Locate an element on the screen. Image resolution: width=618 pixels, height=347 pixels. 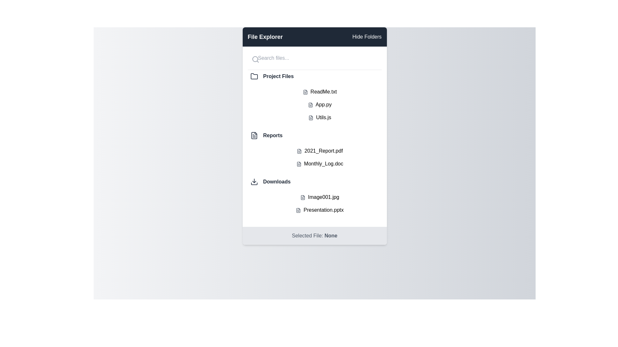
the file named Monthly_Log.doc to select it is located at coordinates (320, 163).